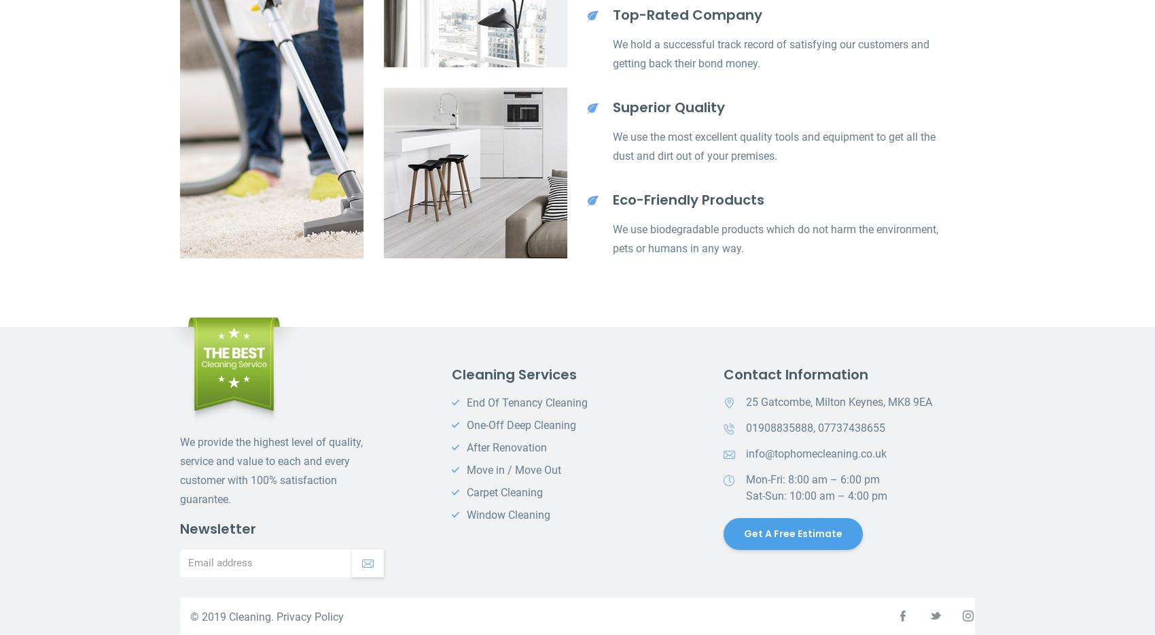 Image resolution: width=1155 pixels, height=635 pixels. What do you see at coordinates (505, 492) in the screenshot?
I see `'Carpet Cleaning'` at bounding box center [505, 492].